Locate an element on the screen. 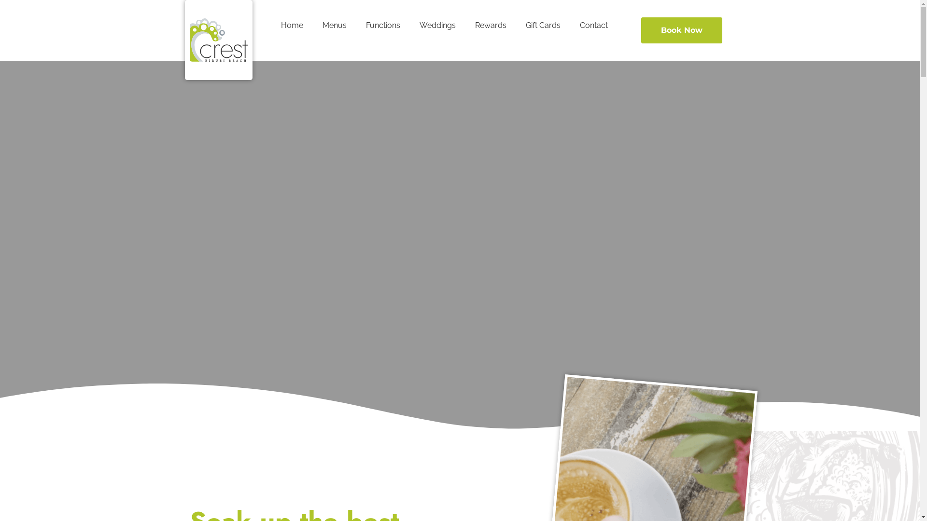  'Book Now' is located at coordinates (681, 29).